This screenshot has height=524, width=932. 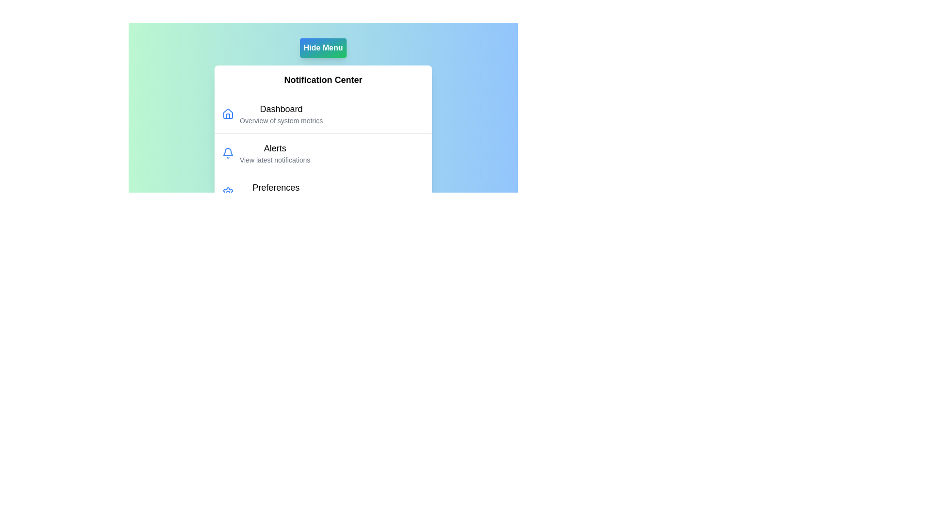 I want to click on the menu item labeled Preferences in the NotificationMenu, so click(x=275, y=187).